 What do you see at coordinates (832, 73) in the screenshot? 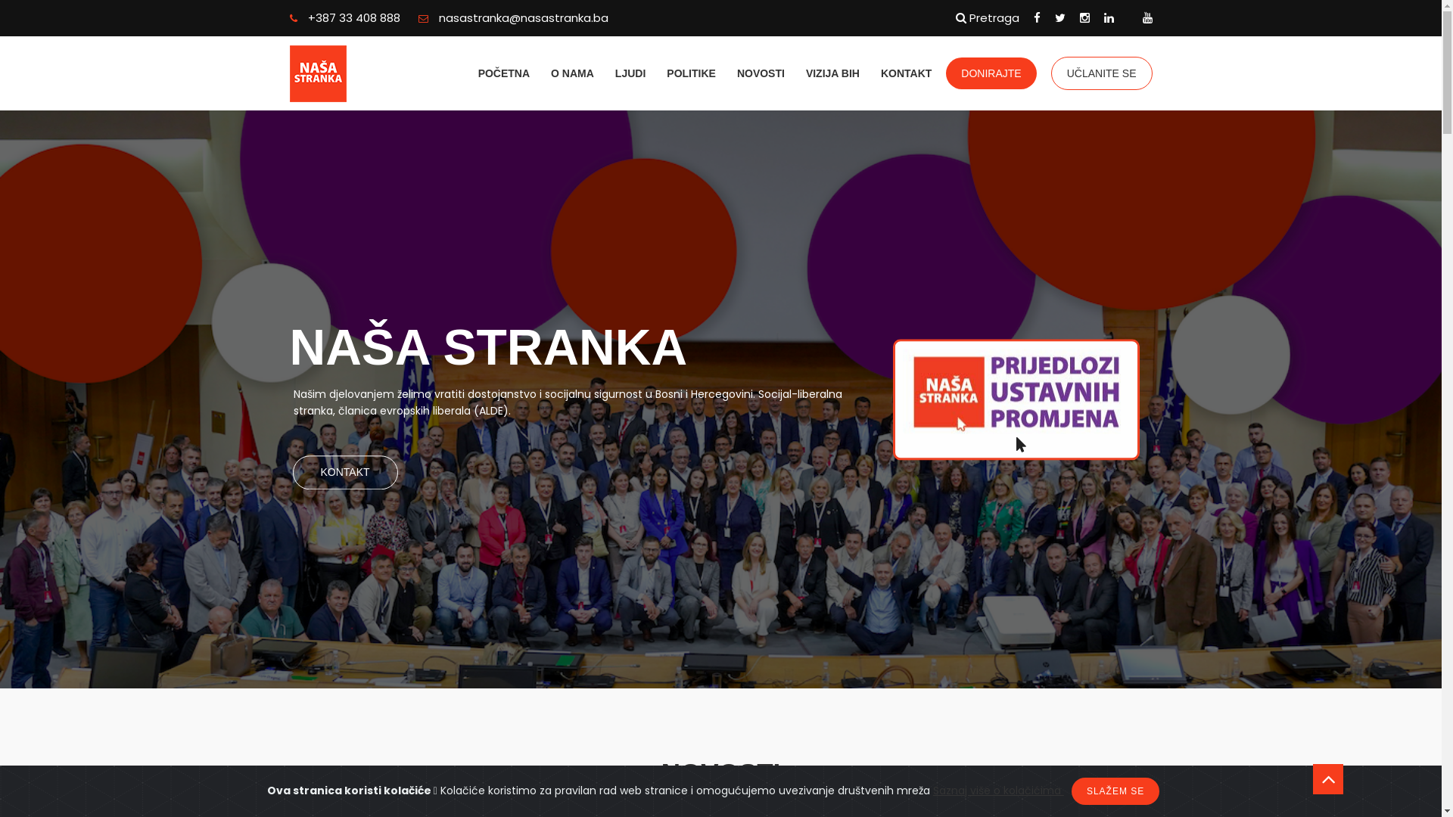
I see `'VIZIJA BIH'` at bounding box center [832, 73].